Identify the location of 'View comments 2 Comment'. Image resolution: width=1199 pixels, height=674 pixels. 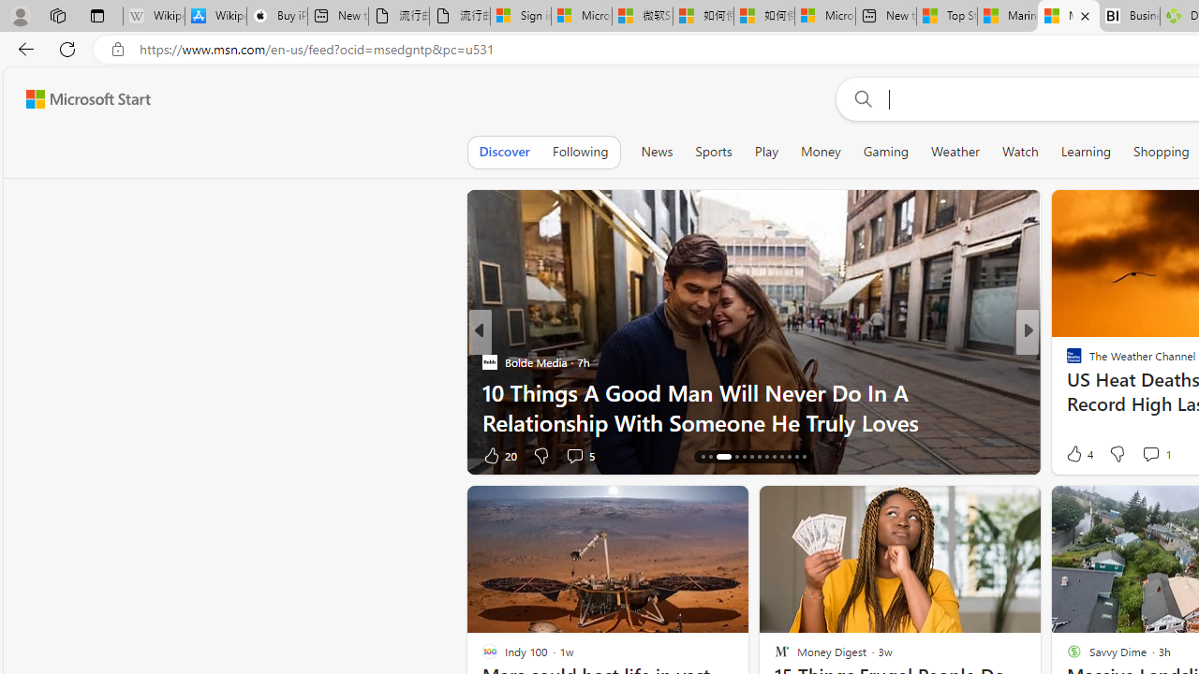
(1156, 455).